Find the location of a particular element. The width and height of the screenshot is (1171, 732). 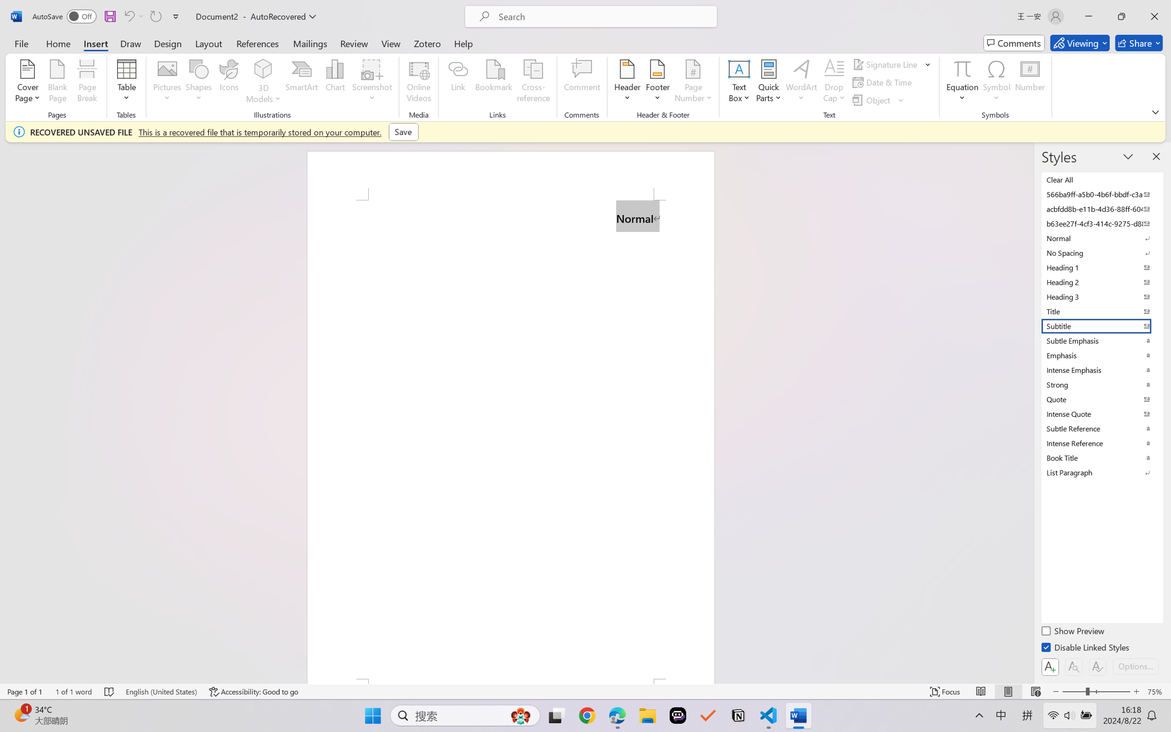

'Object...' is located at coordinates (872, 100).